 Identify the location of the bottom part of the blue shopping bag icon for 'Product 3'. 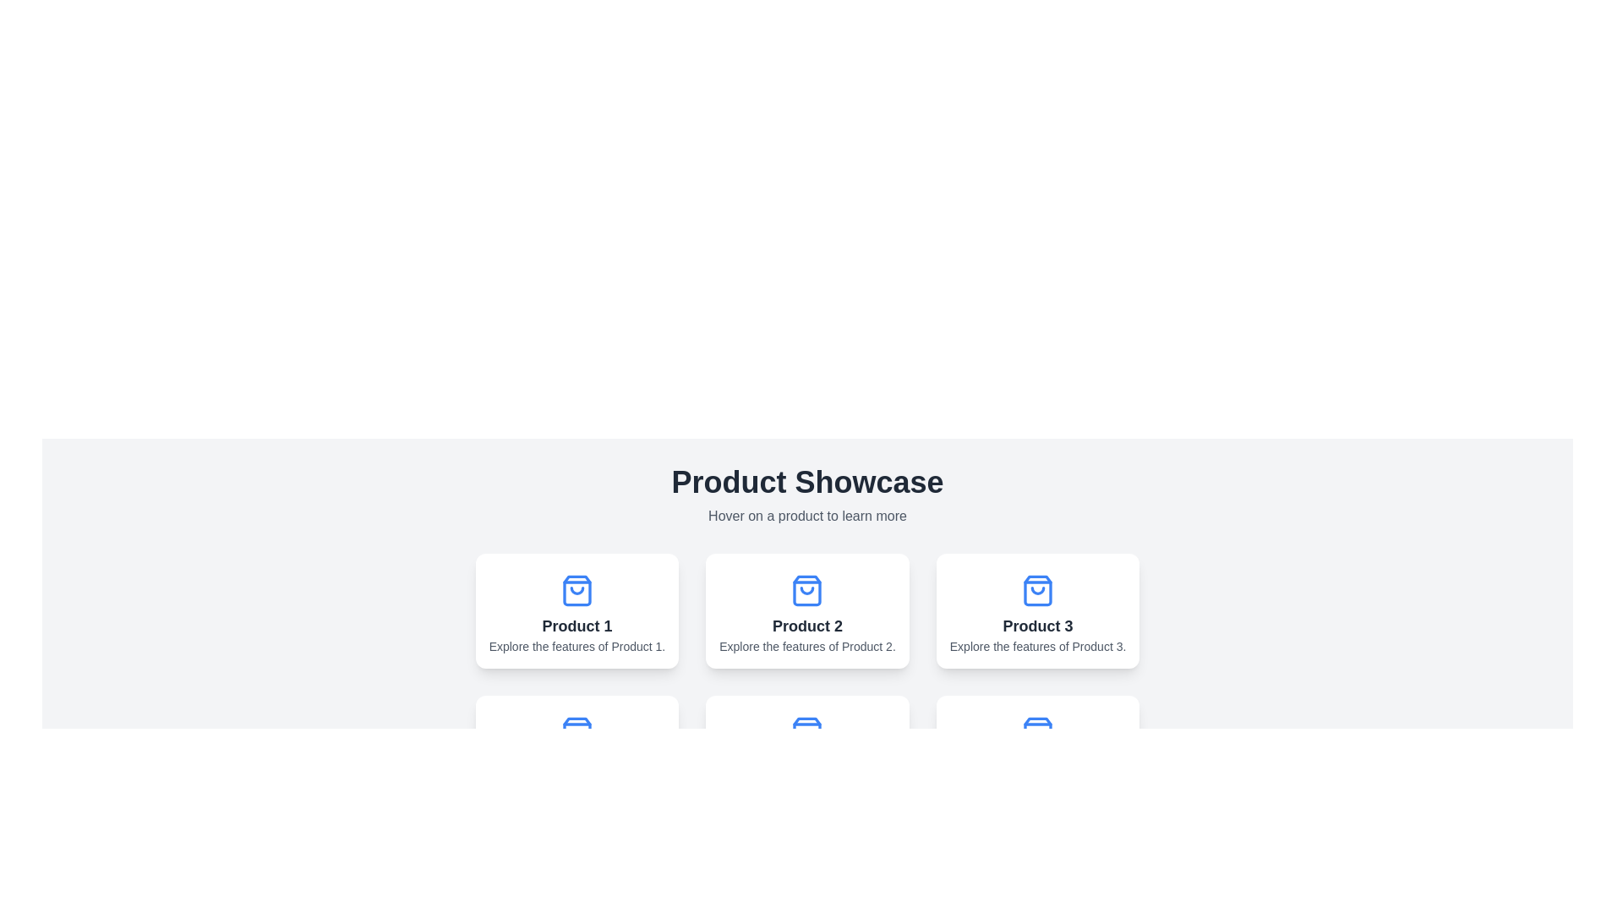
(1037, 589).